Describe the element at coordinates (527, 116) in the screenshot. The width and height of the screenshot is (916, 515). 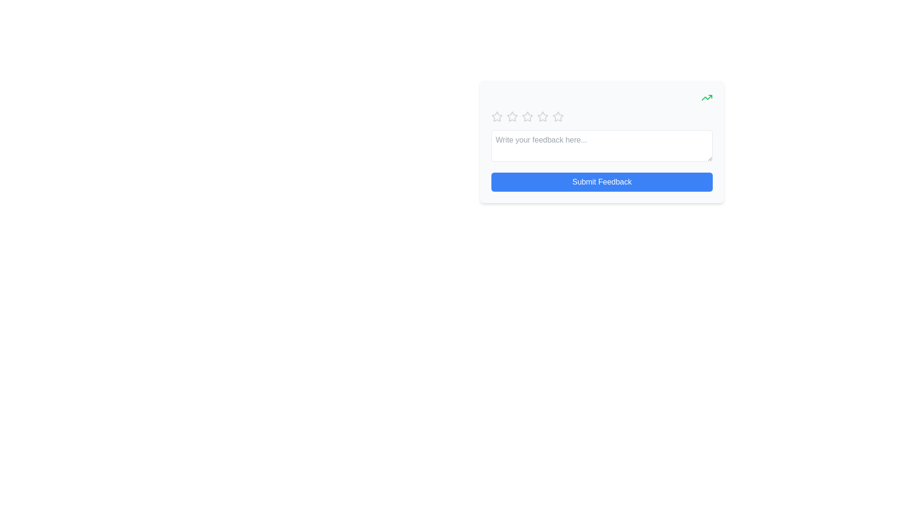
I see `the second star-shaped icon in the rating component, which is styled as an outlined drawing with thin strokes and rounded edges, located near the top portion of the feedback form` at that location.